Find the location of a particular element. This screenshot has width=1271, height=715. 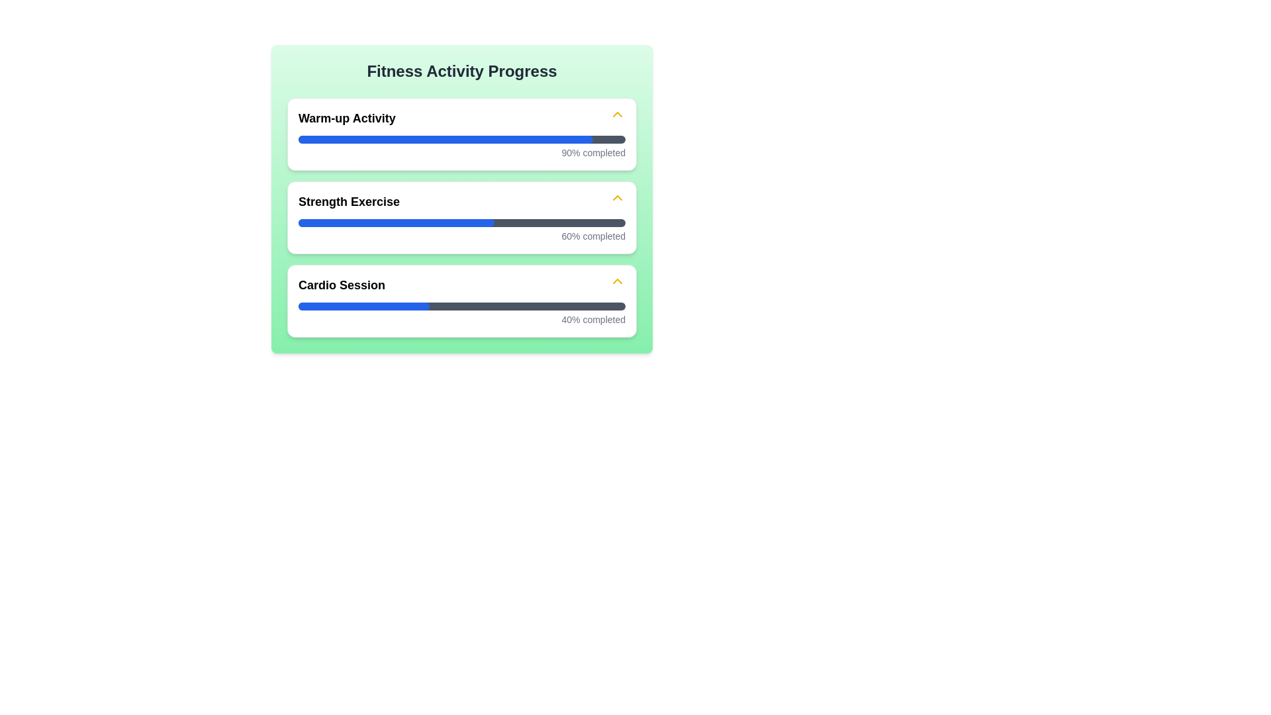

the progress bar representing the 'Cardio Session' located at the bottom of the three progress bars, which is aligned within a gray rounded background is located at coordinates (363, 306).